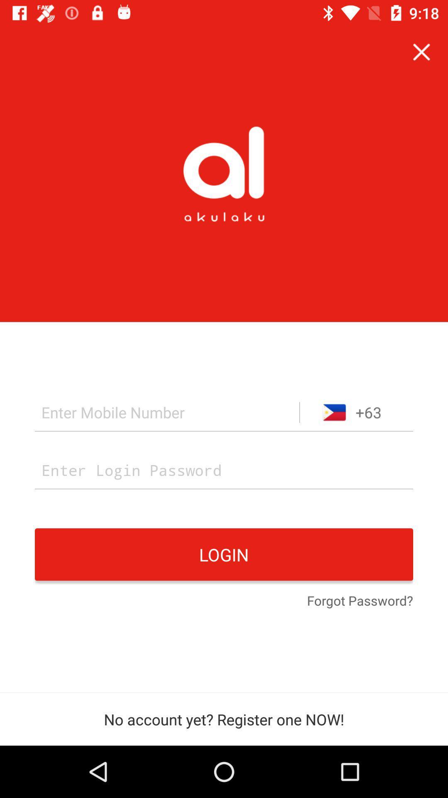 This screenshot has width=448, height=798. What do you see at coordinates (360, 601) in the screenshot?
I see `icon at the bottom right corner` at bounding box center [360, 601].